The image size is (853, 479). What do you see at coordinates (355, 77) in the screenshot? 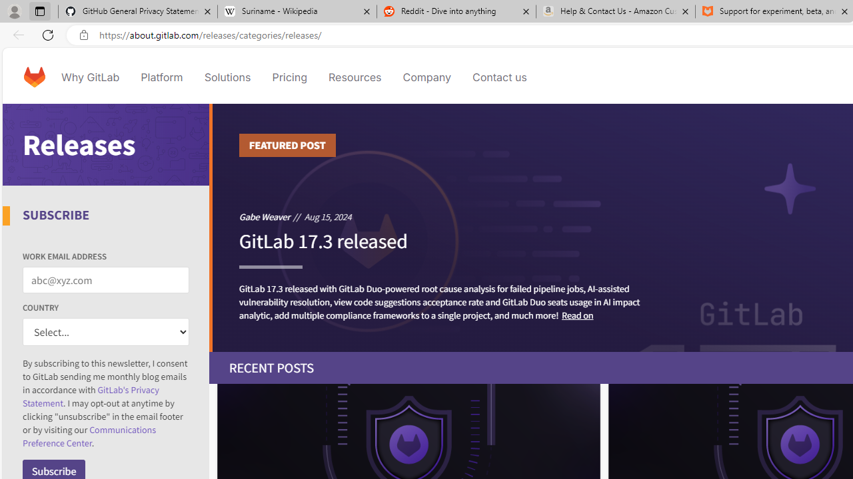
I see `'Resources'` at bounding box center [355, 77].